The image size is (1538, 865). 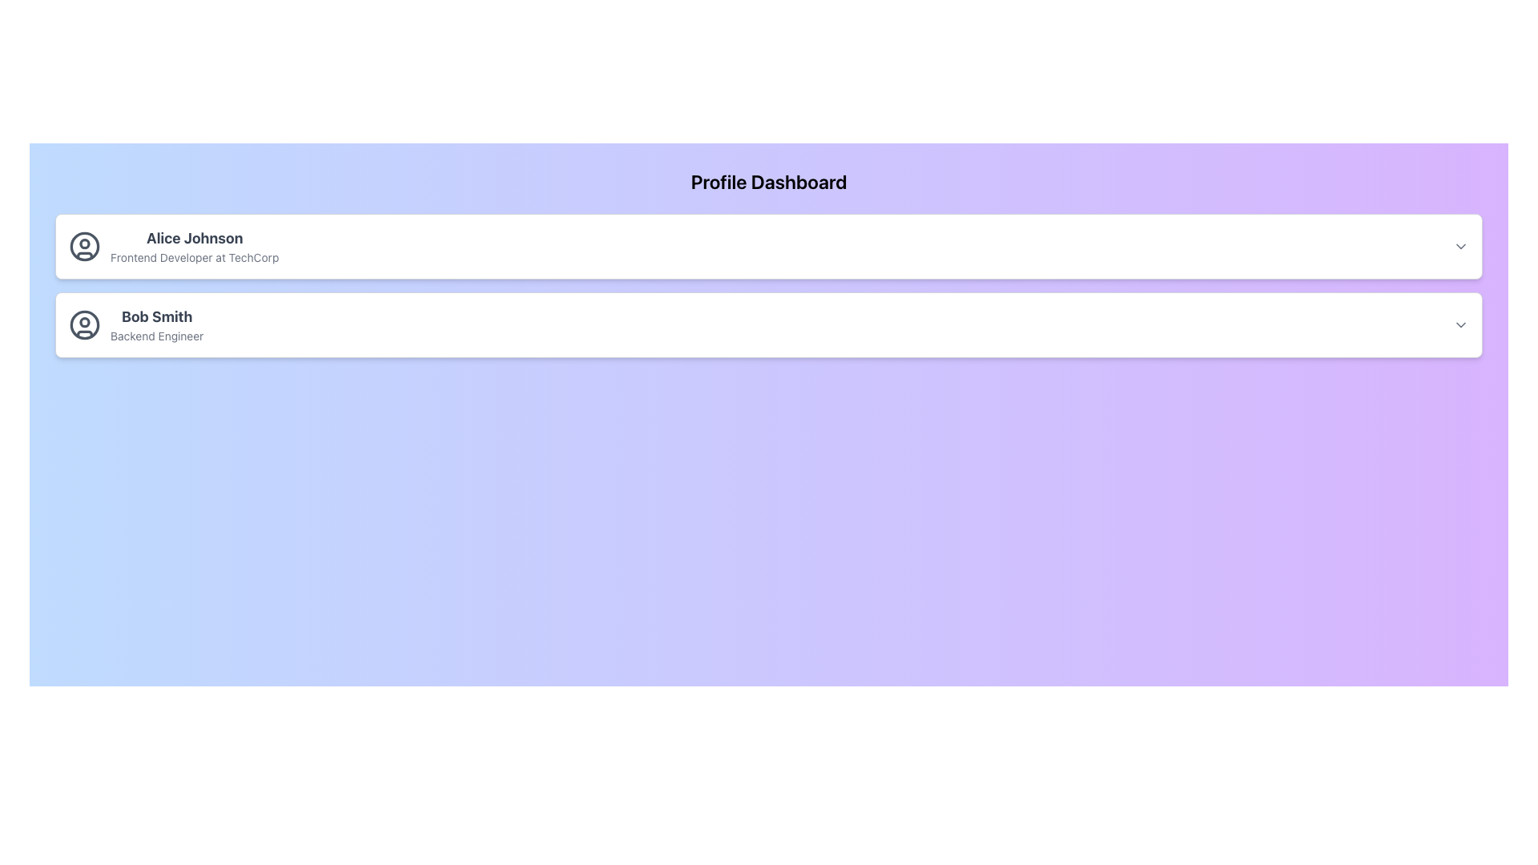 I want to click on the User Profile Icon representing 'Bob Smith', so click(x=83, y=324).